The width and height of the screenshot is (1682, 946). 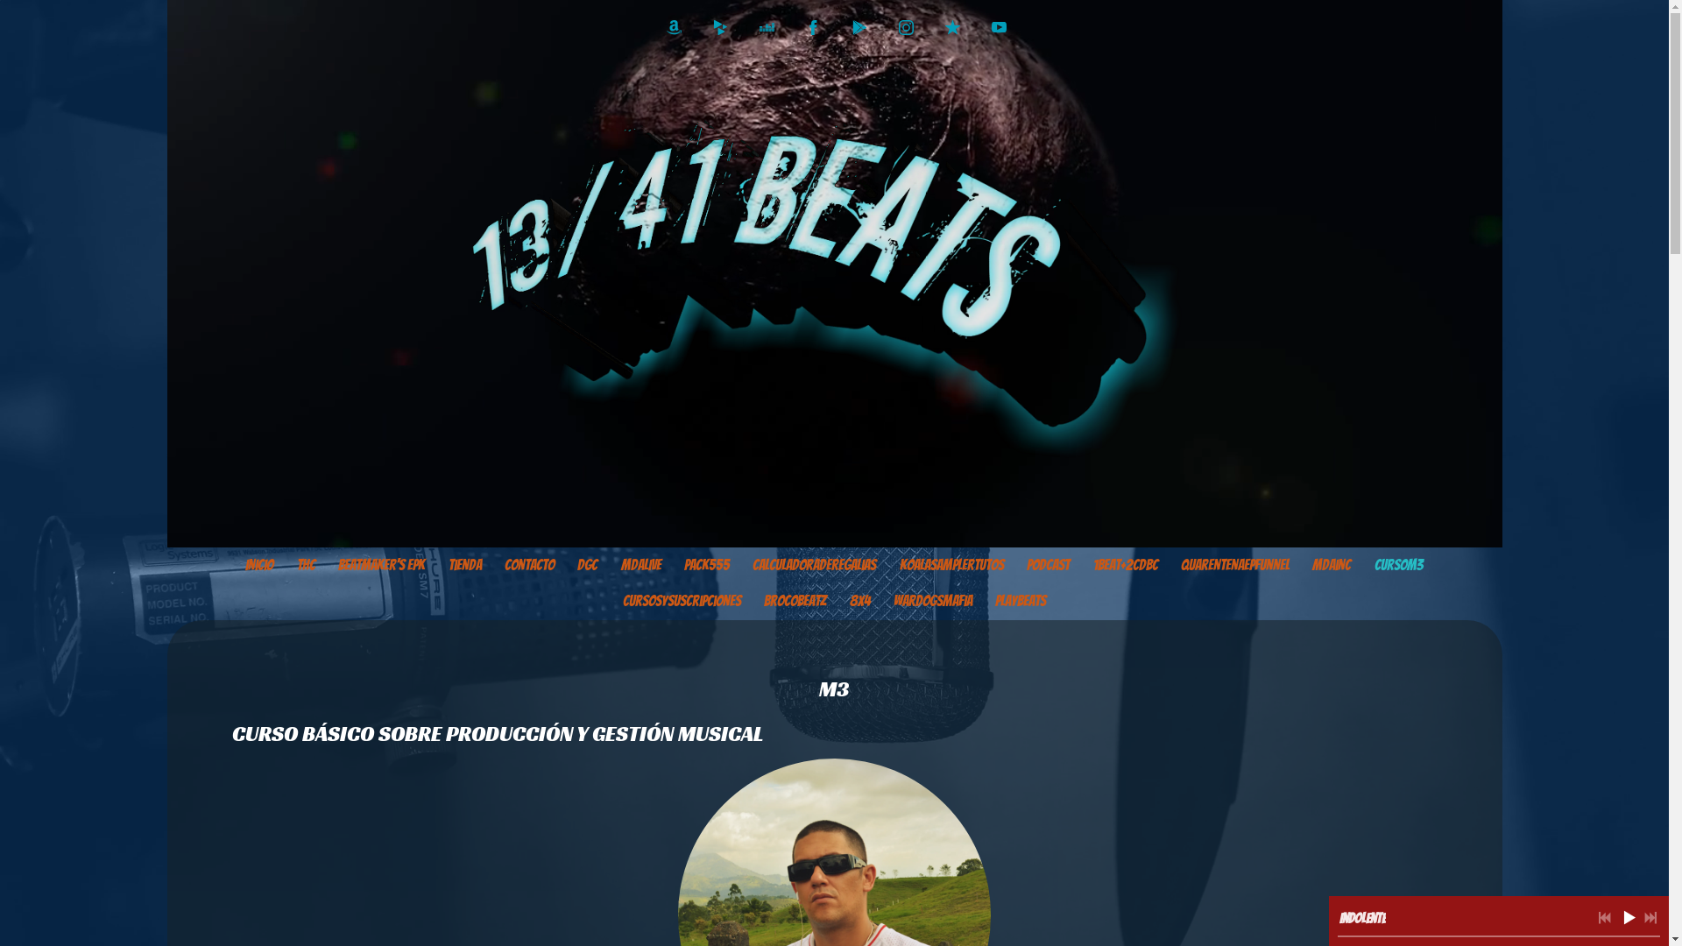 What do you see at coordinates (1361, 565) in the screenshot?
I see `'CursoM3'` at bounding box center [1361, 565].